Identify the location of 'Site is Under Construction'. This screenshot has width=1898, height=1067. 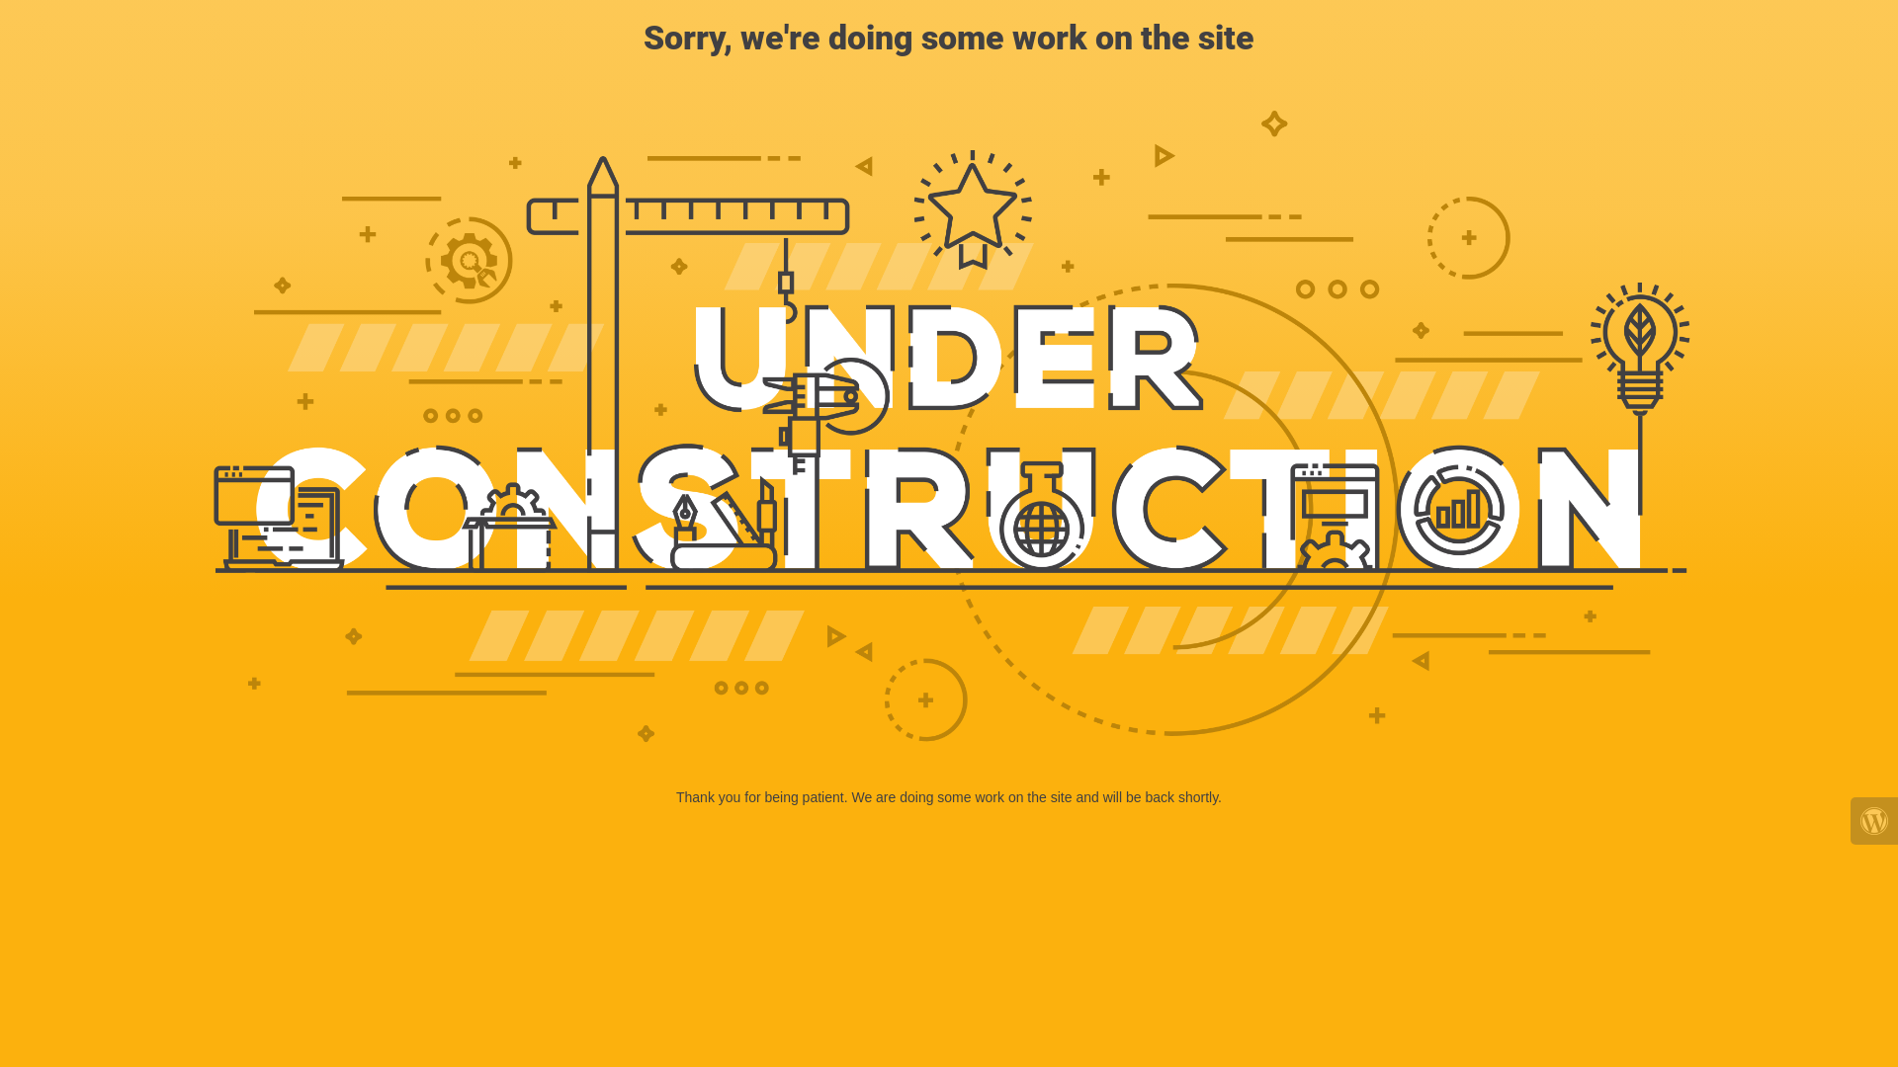
(949, 426).